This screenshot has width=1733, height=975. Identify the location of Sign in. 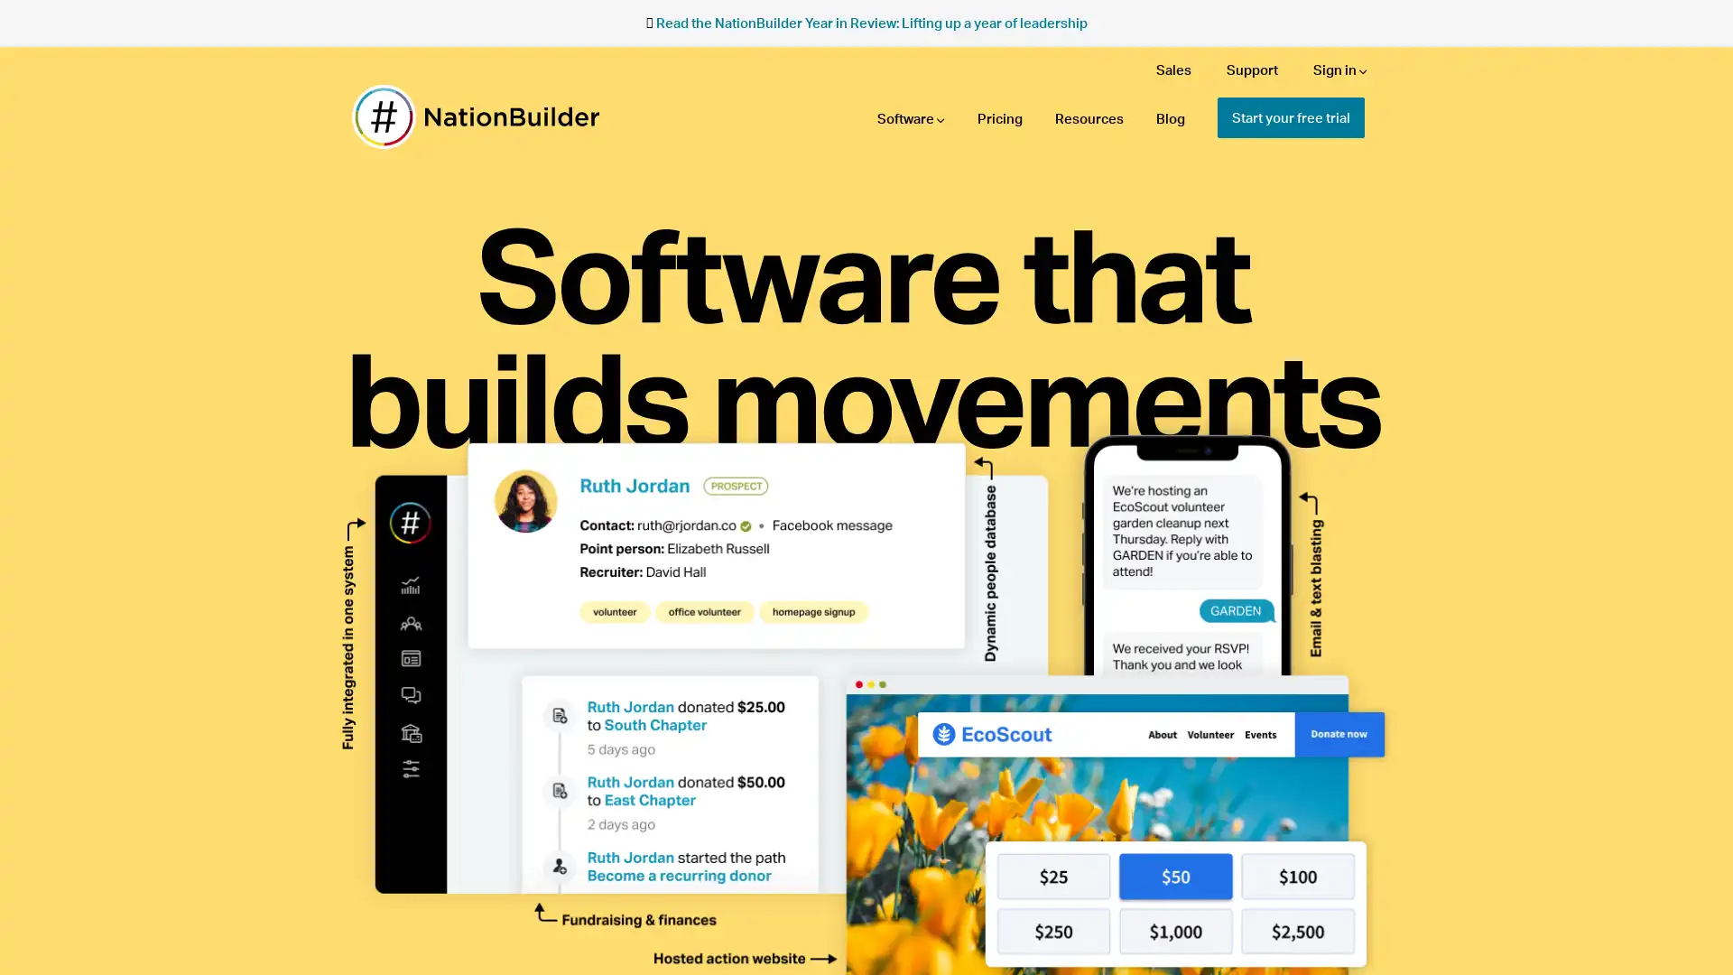
(1339, 69).